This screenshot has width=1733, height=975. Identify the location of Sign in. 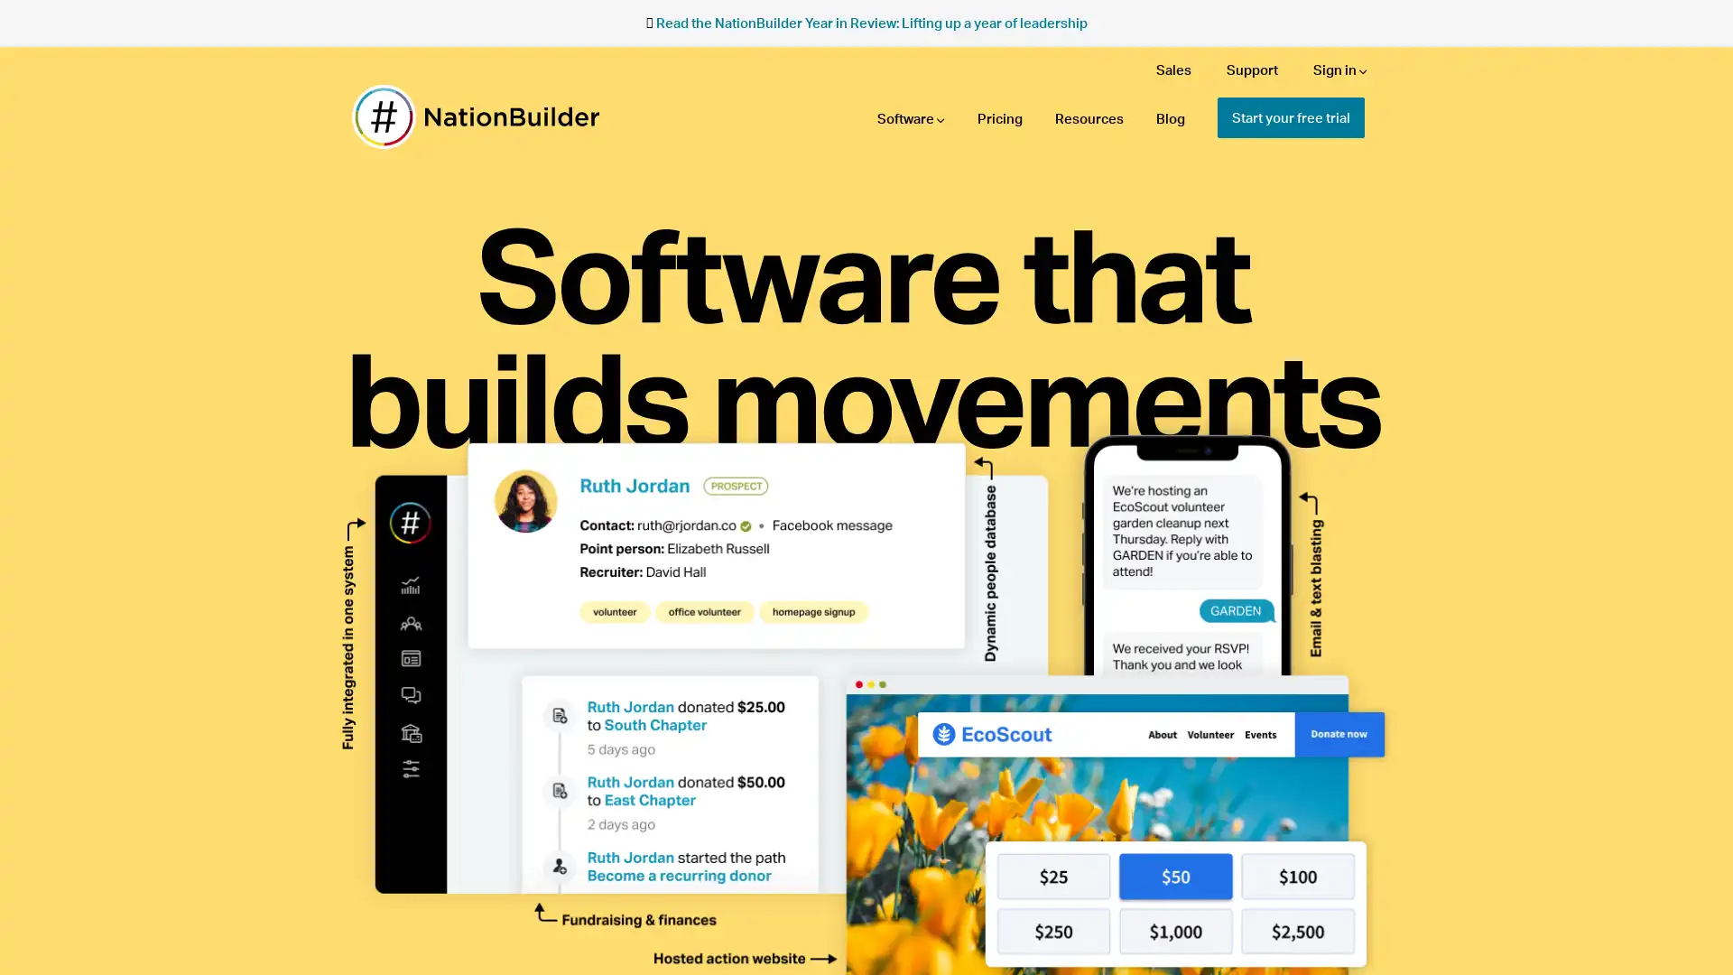
(1339, 69).